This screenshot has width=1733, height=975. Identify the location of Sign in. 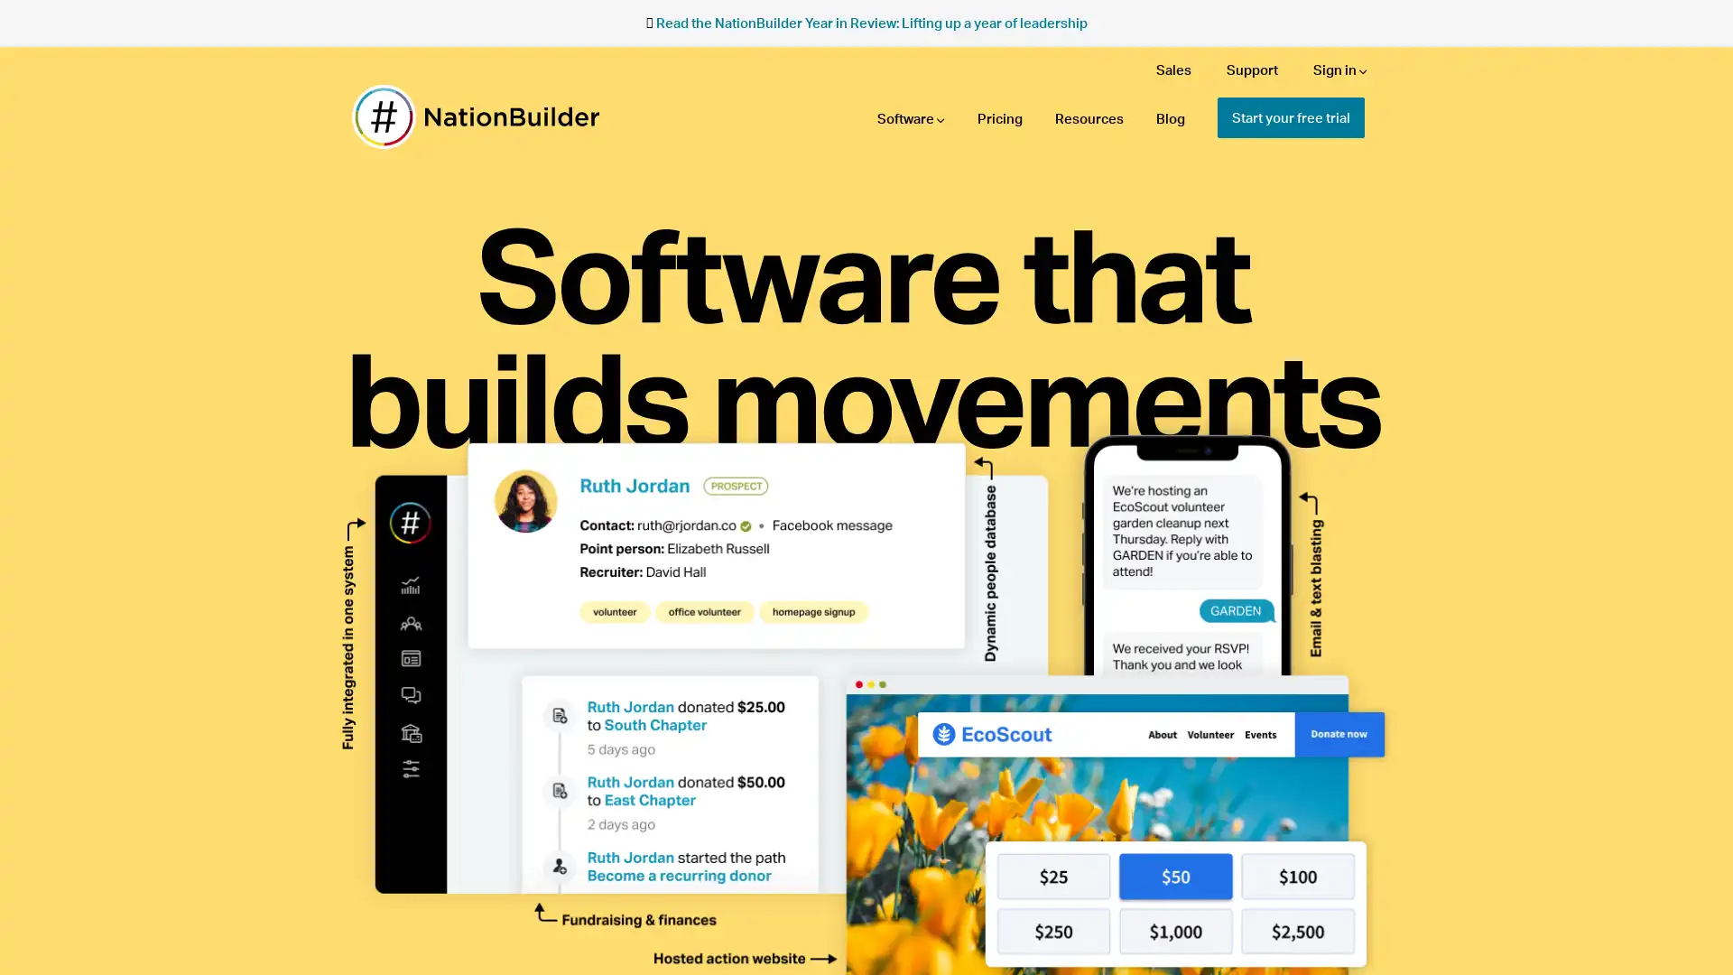
(1339, 69).